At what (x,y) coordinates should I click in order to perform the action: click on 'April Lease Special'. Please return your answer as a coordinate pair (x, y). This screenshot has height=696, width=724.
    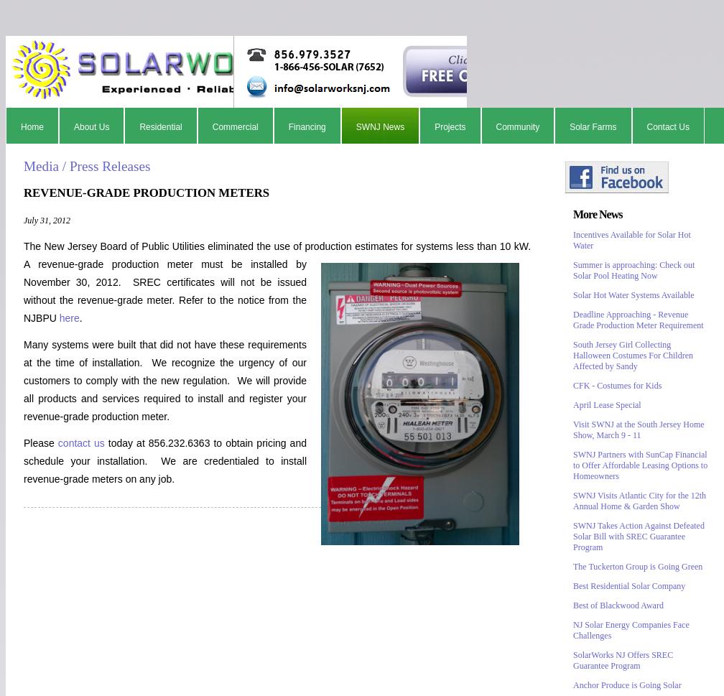
    Looking at the image, I should click on (607, 404).